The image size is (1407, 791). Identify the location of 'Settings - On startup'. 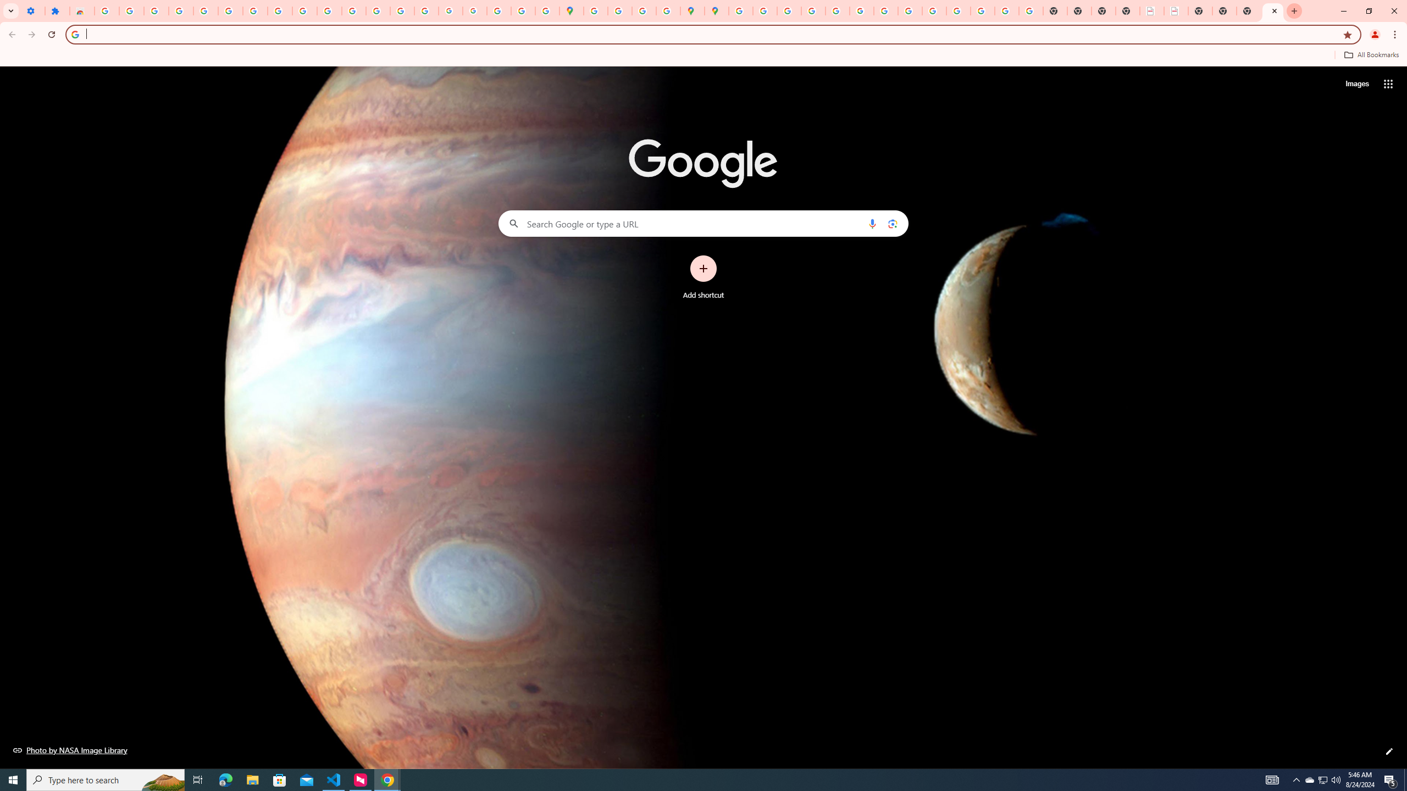
(33, 10).